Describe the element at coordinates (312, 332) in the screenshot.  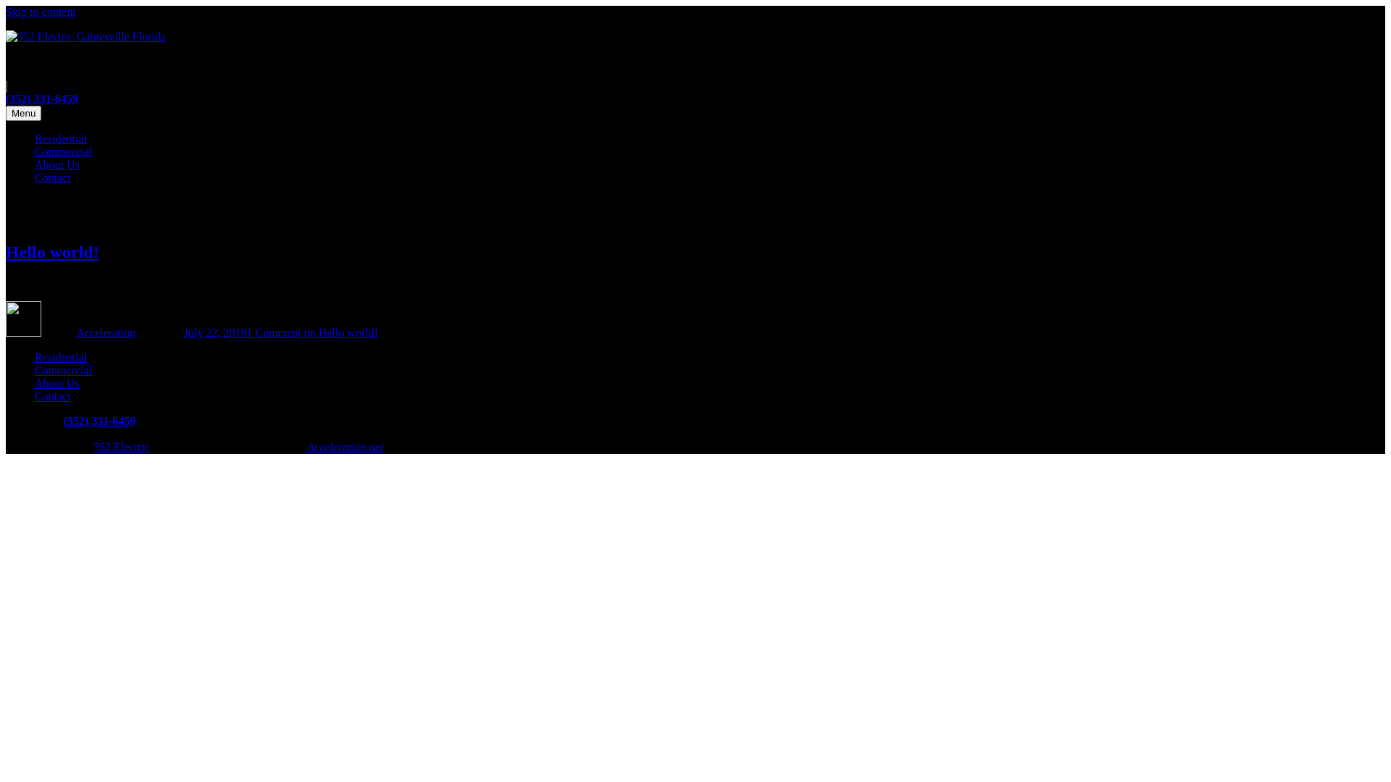
I see `'1 Comment on Hello world!'` at that location.